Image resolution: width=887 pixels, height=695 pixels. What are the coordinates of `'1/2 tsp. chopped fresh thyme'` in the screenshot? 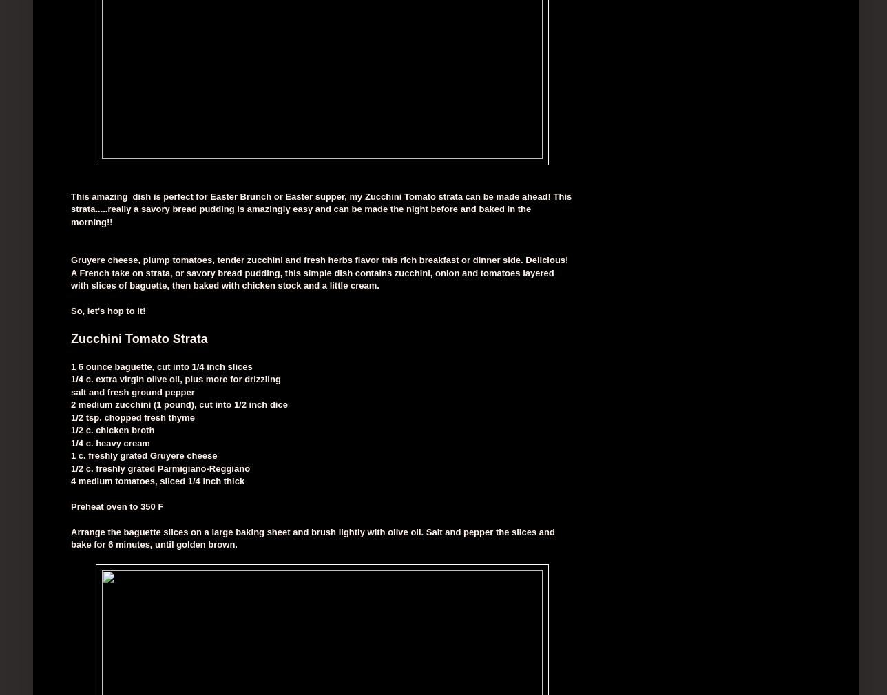 It's located at (132, 417).